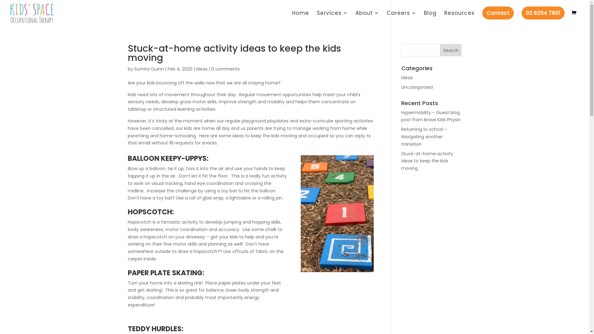 The image size is (594, 334). I want to click on 'Sumita Quinn', so click(134, 69).